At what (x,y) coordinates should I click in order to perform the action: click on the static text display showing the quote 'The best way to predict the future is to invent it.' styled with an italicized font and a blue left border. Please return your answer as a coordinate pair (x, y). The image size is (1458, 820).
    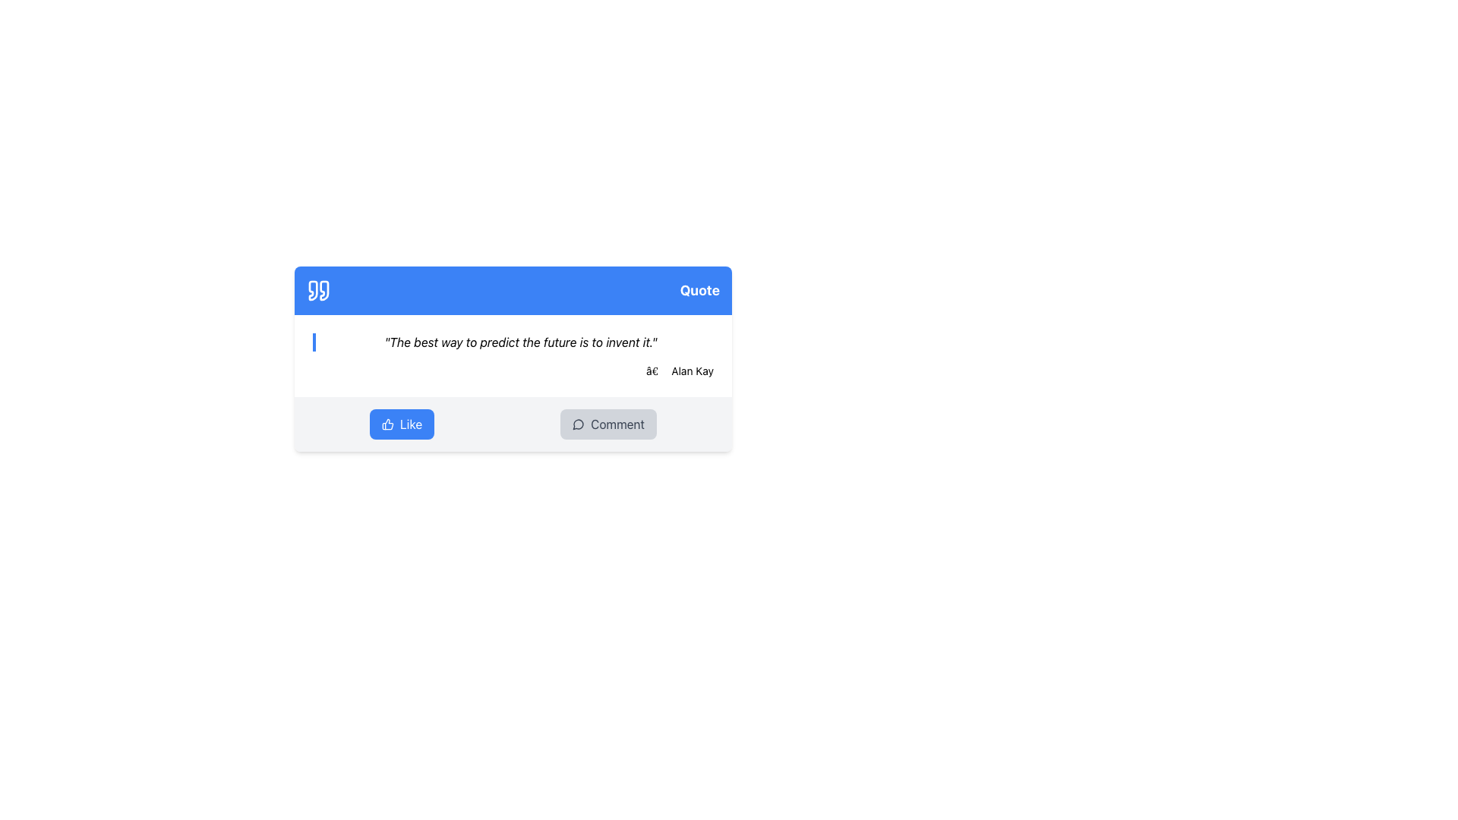
    Looking at the image, I should click on (513, 342).